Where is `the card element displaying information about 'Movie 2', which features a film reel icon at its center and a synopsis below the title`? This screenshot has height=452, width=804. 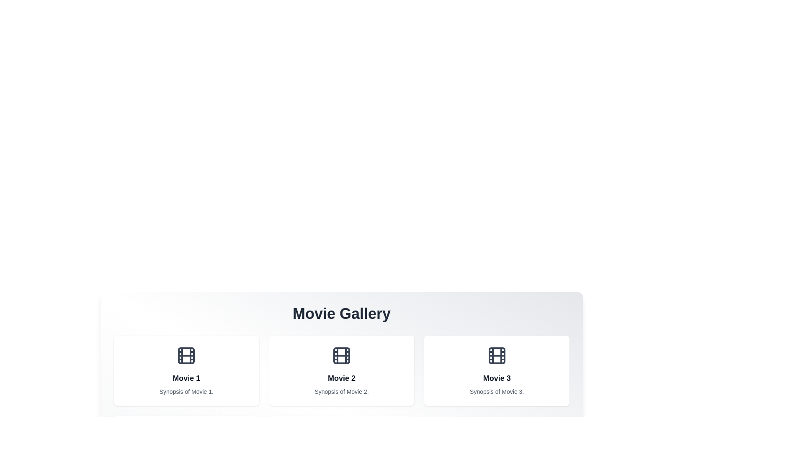 the card element displaying information about 'Movie 2', which features a film reel icon at its center and a synopsis below the title is located at coordinates (342, 370).